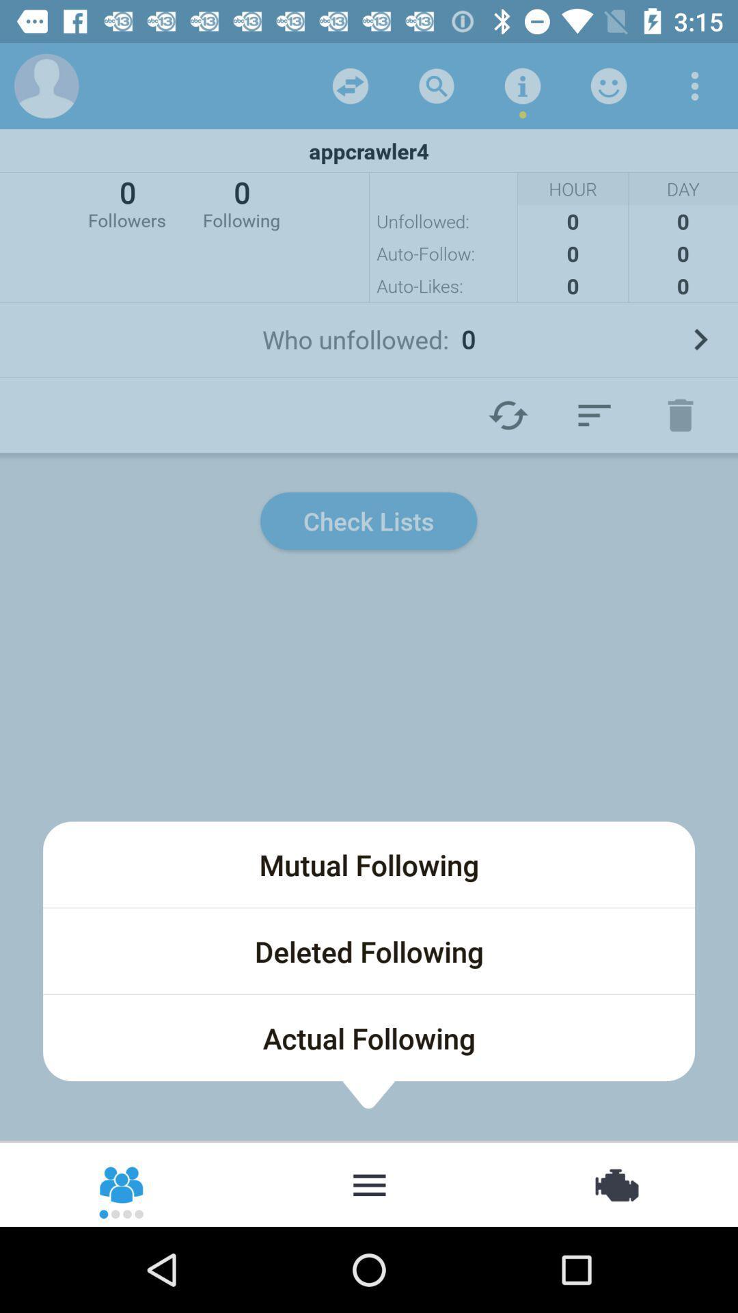 The image size is (738, 1313). I want to click on the next page, so click(700, 339).